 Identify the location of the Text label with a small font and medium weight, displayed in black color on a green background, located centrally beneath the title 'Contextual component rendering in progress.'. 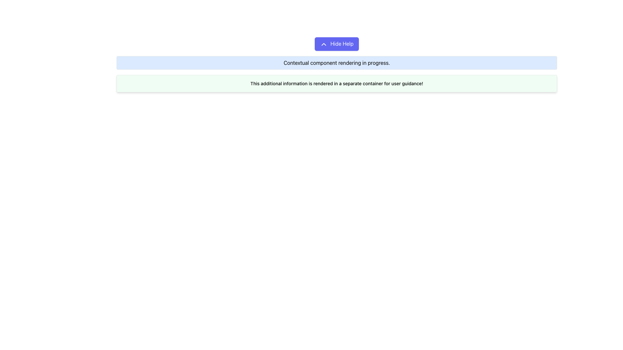
(336, 83).